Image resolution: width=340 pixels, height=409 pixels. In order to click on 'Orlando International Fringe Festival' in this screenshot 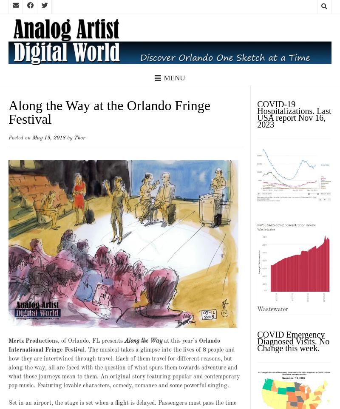, I will do `click(114, 344)`.